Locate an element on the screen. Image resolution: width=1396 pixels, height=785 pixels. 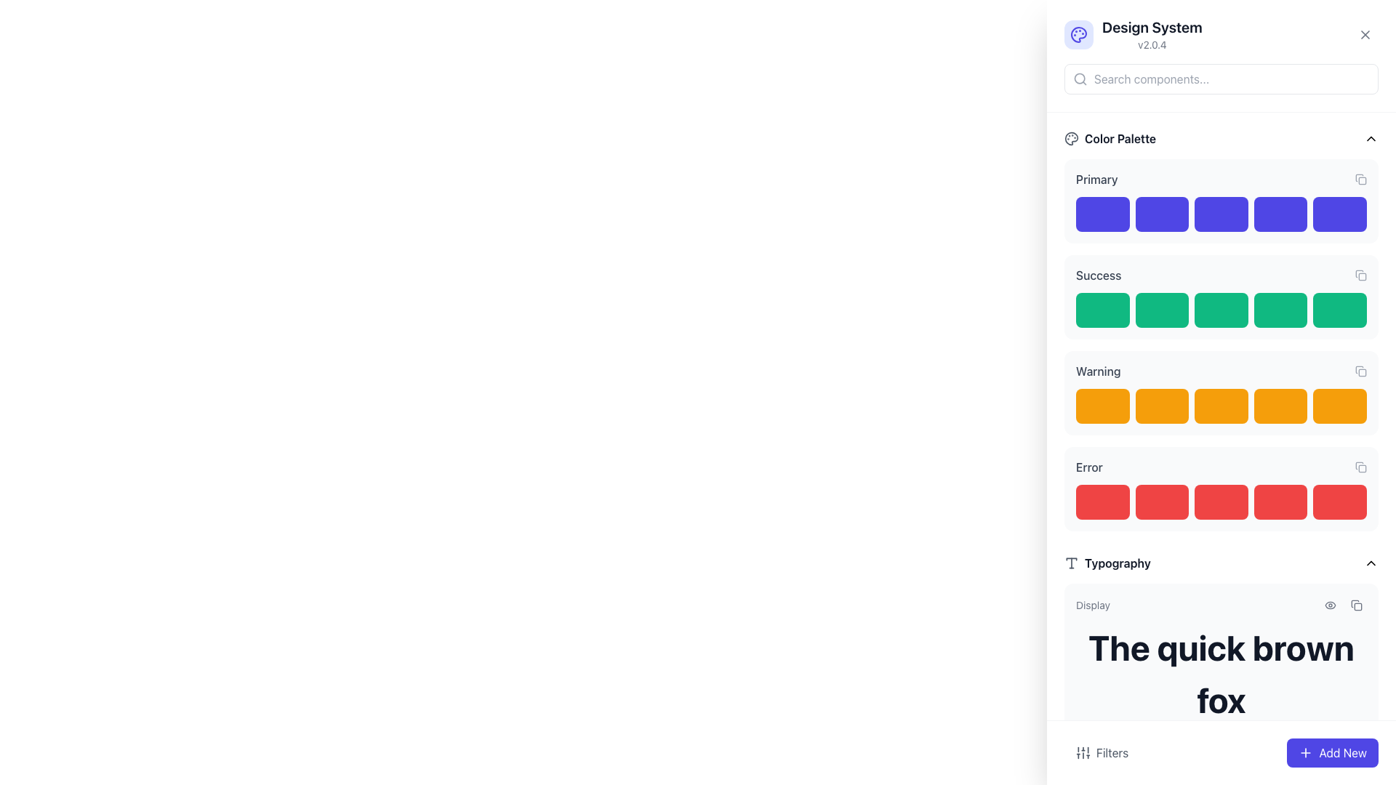
the copy icon button located at the bottom right corner of the panel is located at coordinates (1356, 770).